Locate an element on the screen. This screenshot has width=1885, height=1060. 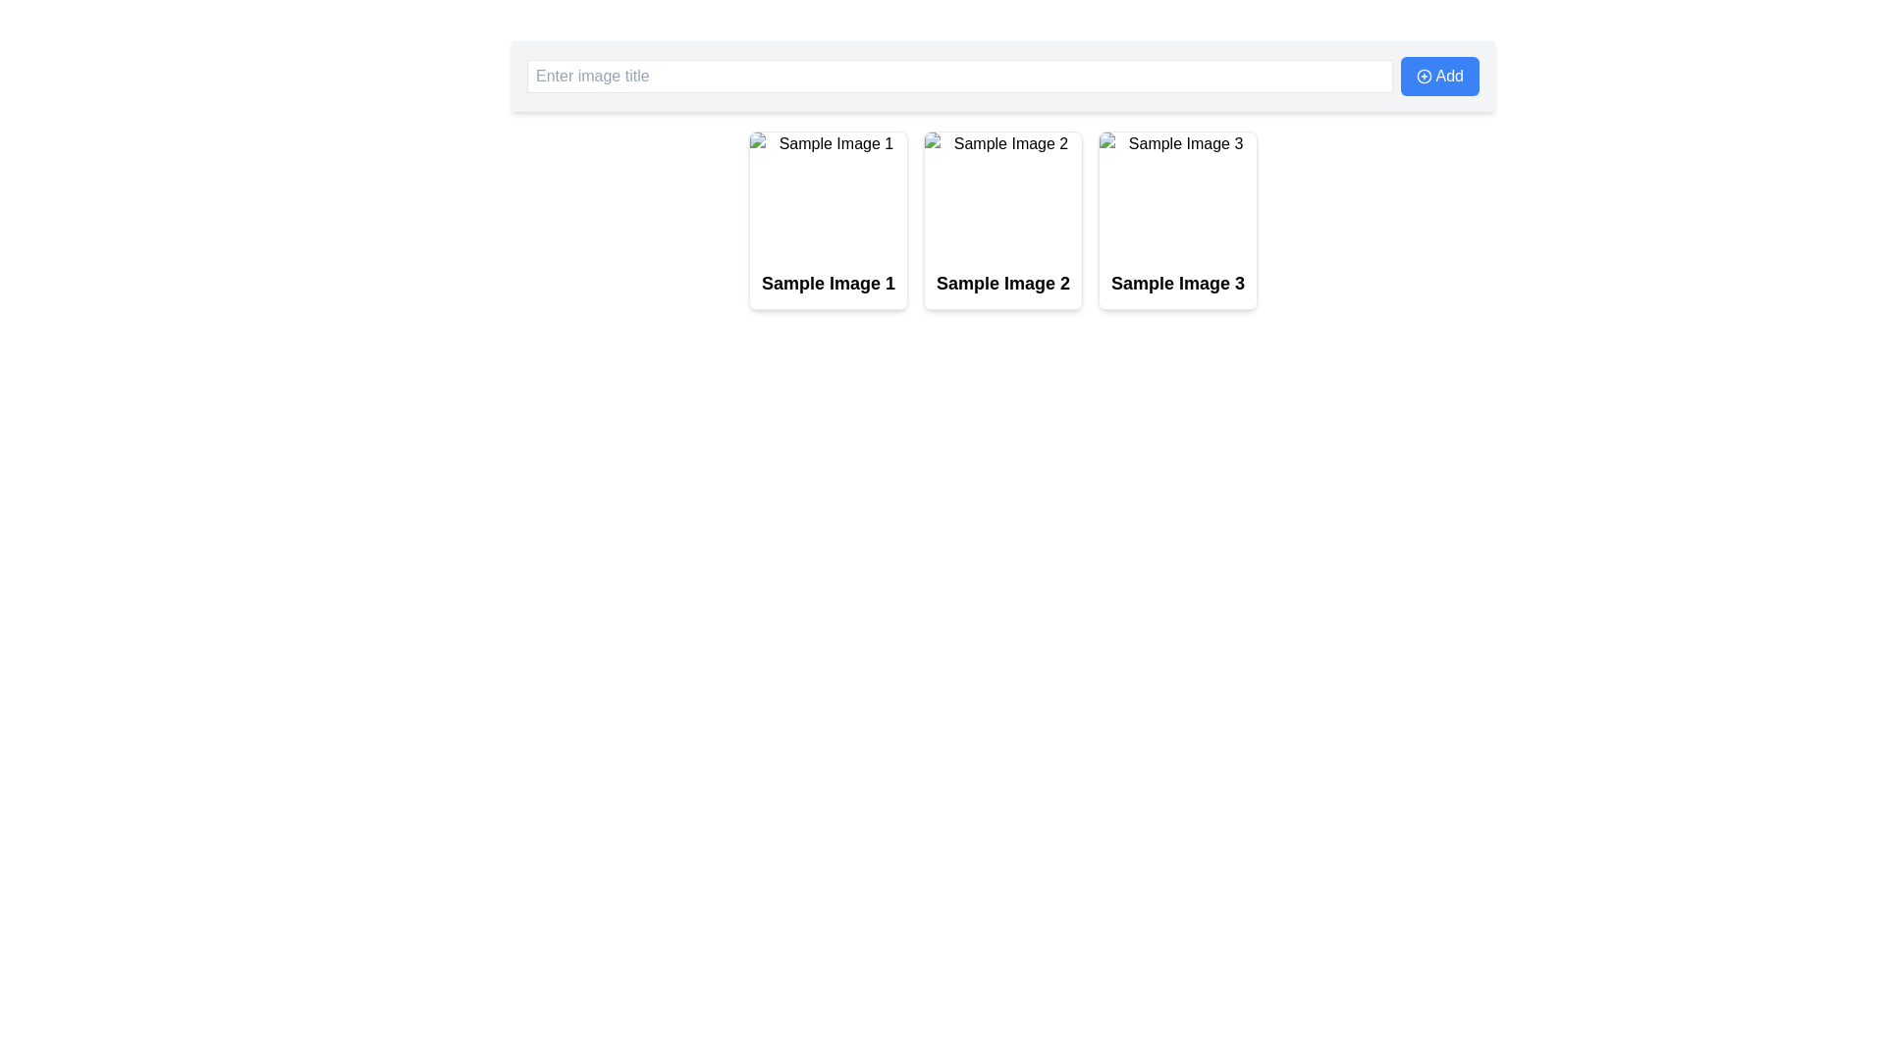
the text label displaying 'Sample Image 3.' which is centrally aligned below the third image placeholder, making it visually prominent within its card is located at coordinates (1178, 284).